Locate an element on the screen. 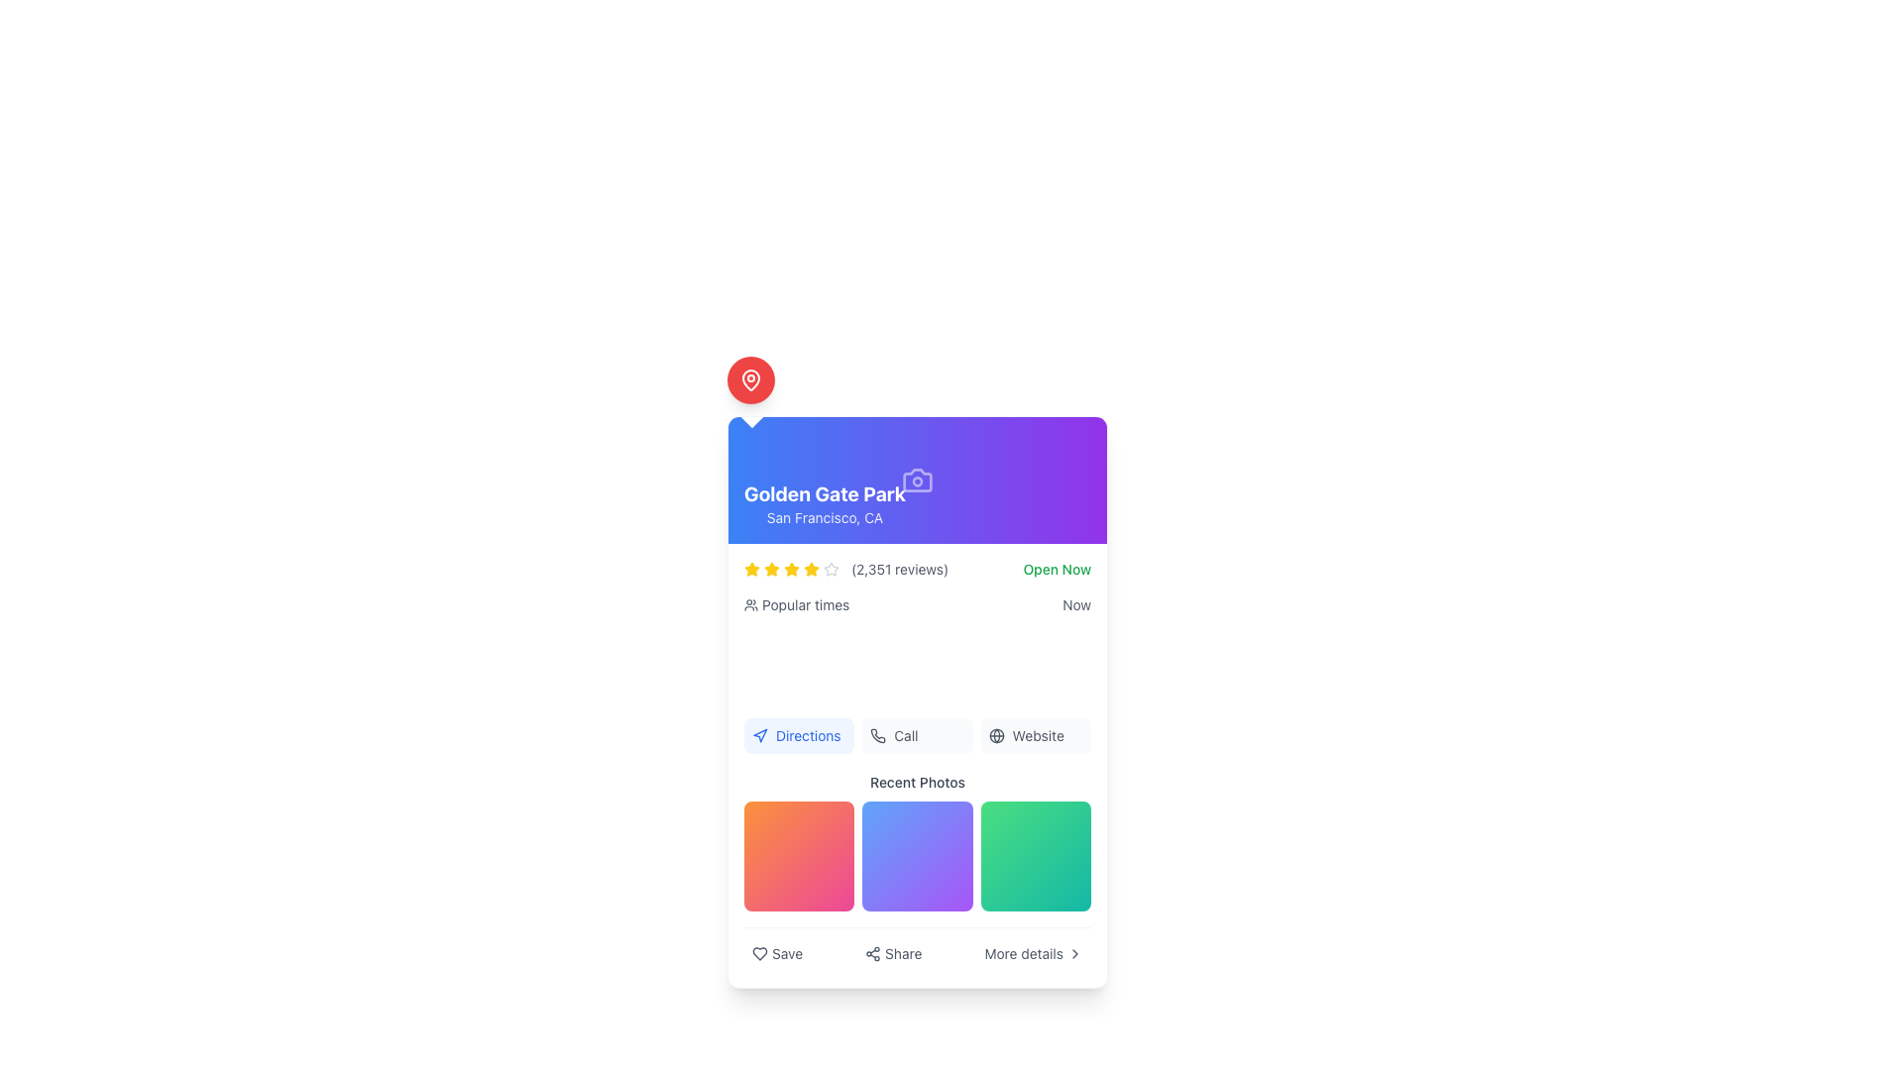  the 'Share' button, which features a share icon and is positioned centrally below 'Recent Photos' is located at coordinates (892, 953).